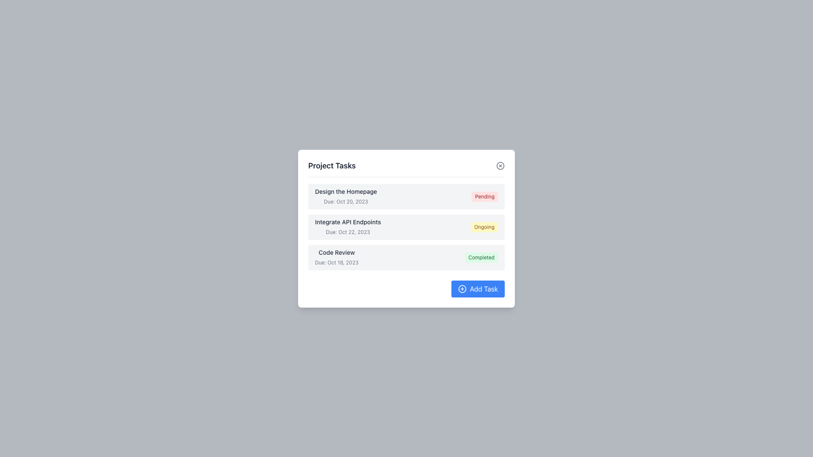 This screenshot has height=457, width=813. What do you see at coordinates (406, 257) in the screenshot?
I see `the task card that displays the task title 'Code Review'` at bounding box center [406, 257].